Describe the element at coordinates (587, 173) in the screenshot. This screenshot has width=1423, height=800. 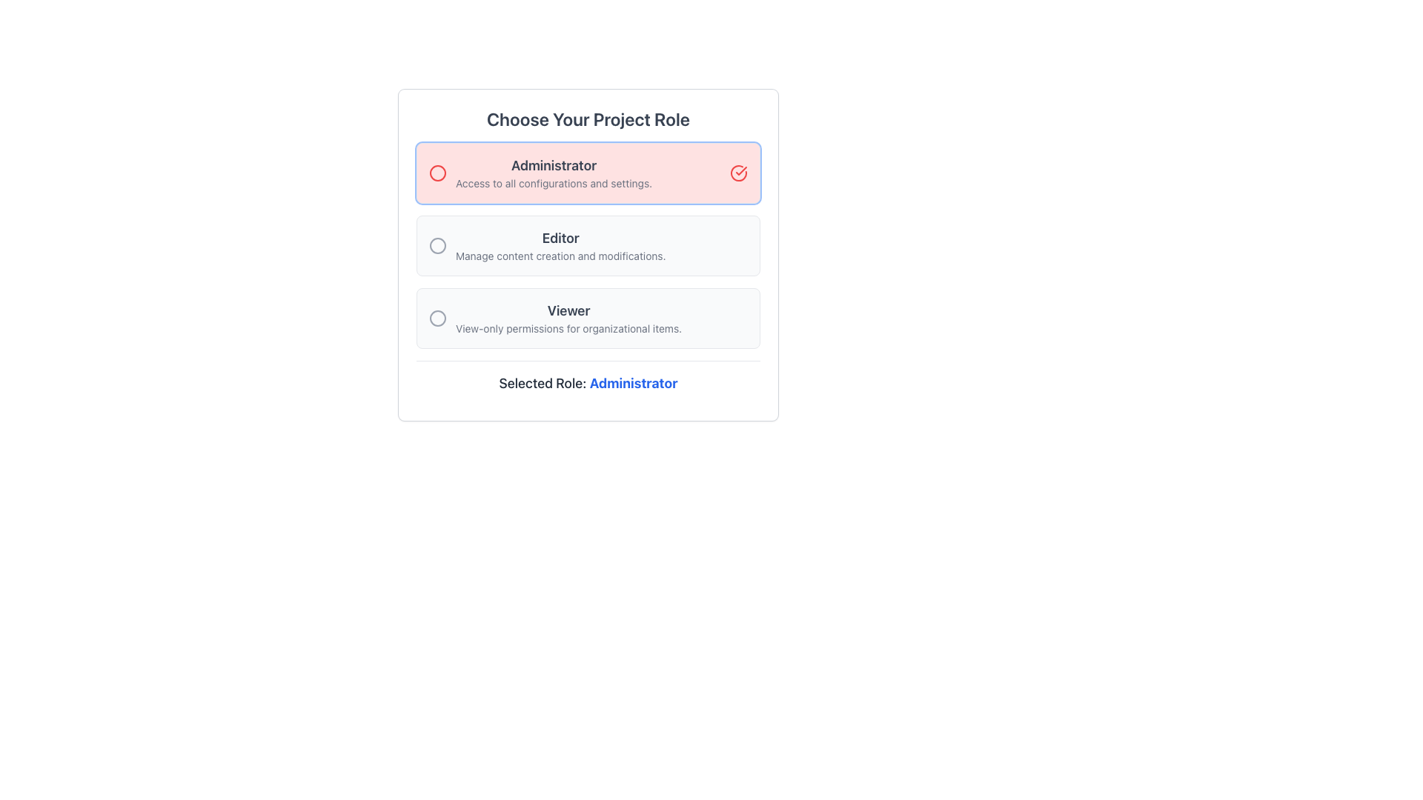
I see `the first radio button in the role selection group` at that location.